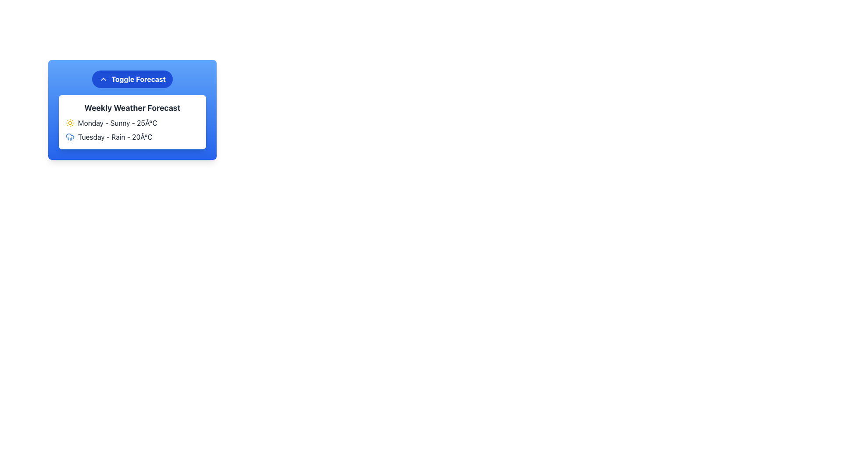 This screenshot has height=473, width=842. I want to click on the text and icon element displaying 'Tuesday - Rain - 20°C' in the weather forecast section, which is the second entry following 'Monday - Sunny - 25°C', so click(132, 137).